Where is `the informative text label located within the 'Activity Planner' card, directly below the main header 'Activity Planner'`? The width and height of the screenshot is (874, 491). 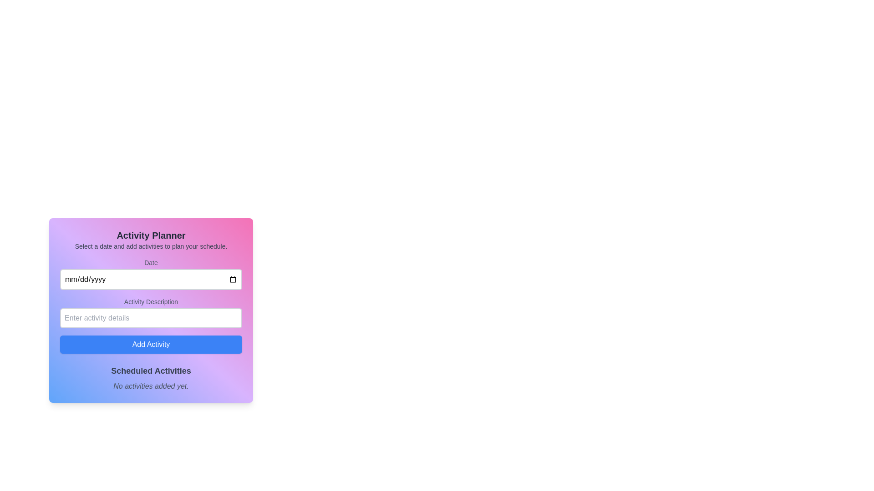 the informative text label located within the 'Activity Planner' card, directly below the main header 'Activity Planner' is located at coordinates (151, 246).